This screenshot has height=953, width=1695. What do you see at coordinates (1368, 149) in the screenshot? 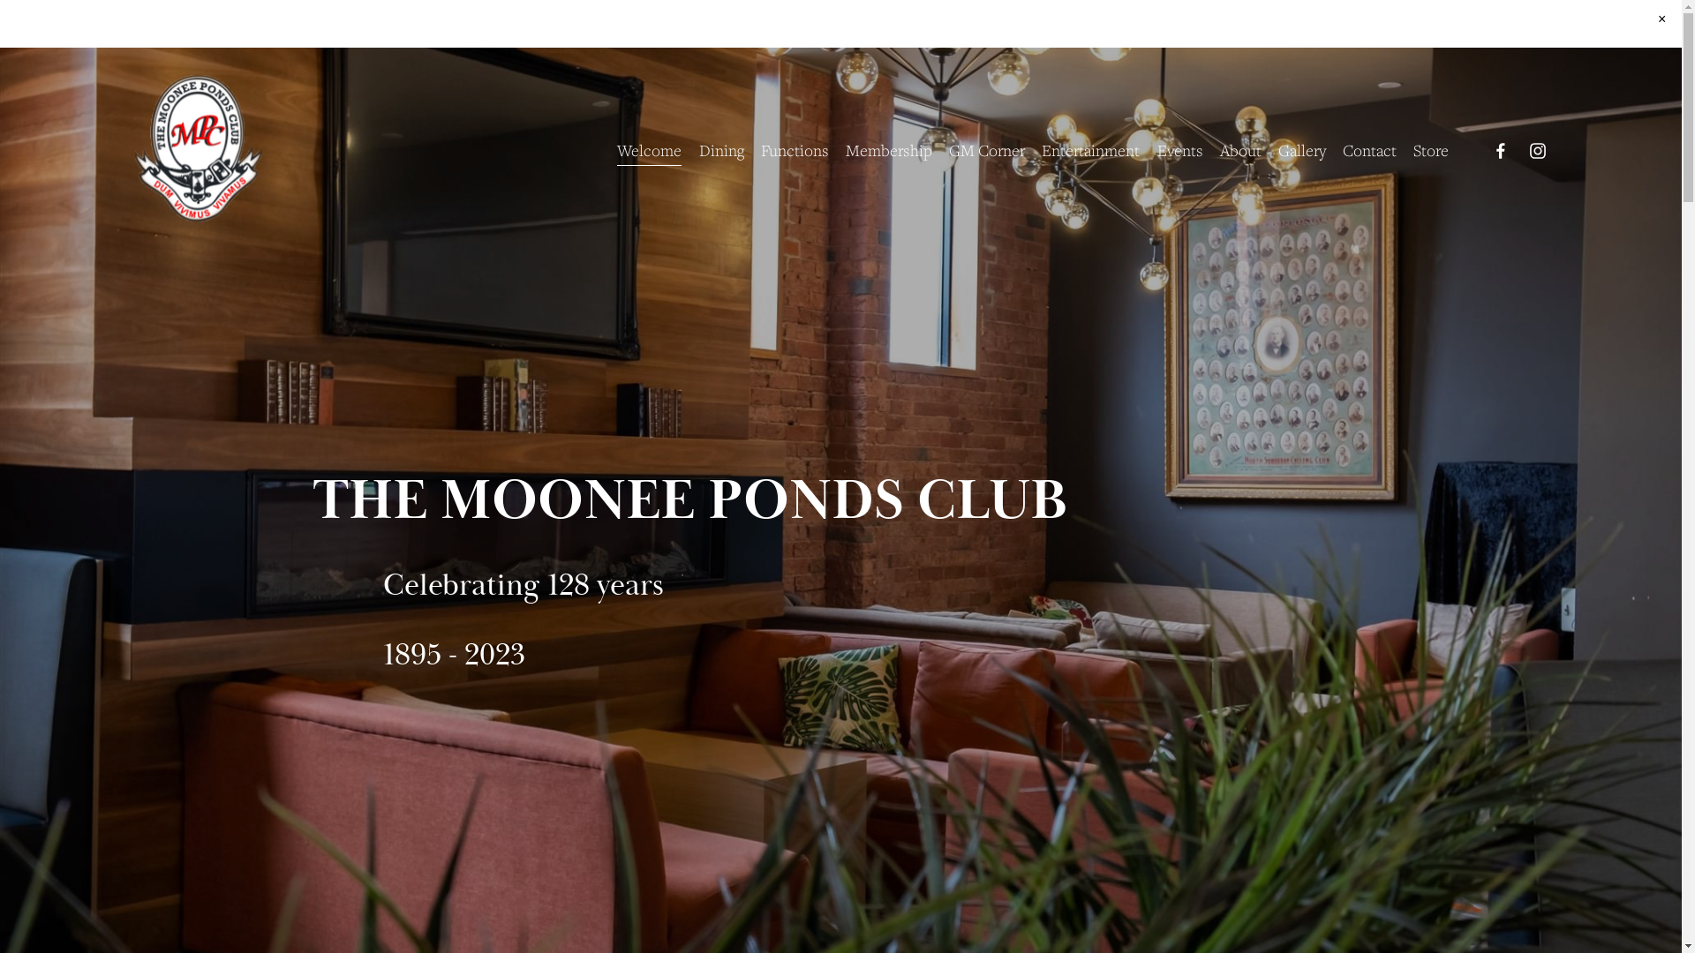
I see `'Contact'` at bounding box center [1368, 149].